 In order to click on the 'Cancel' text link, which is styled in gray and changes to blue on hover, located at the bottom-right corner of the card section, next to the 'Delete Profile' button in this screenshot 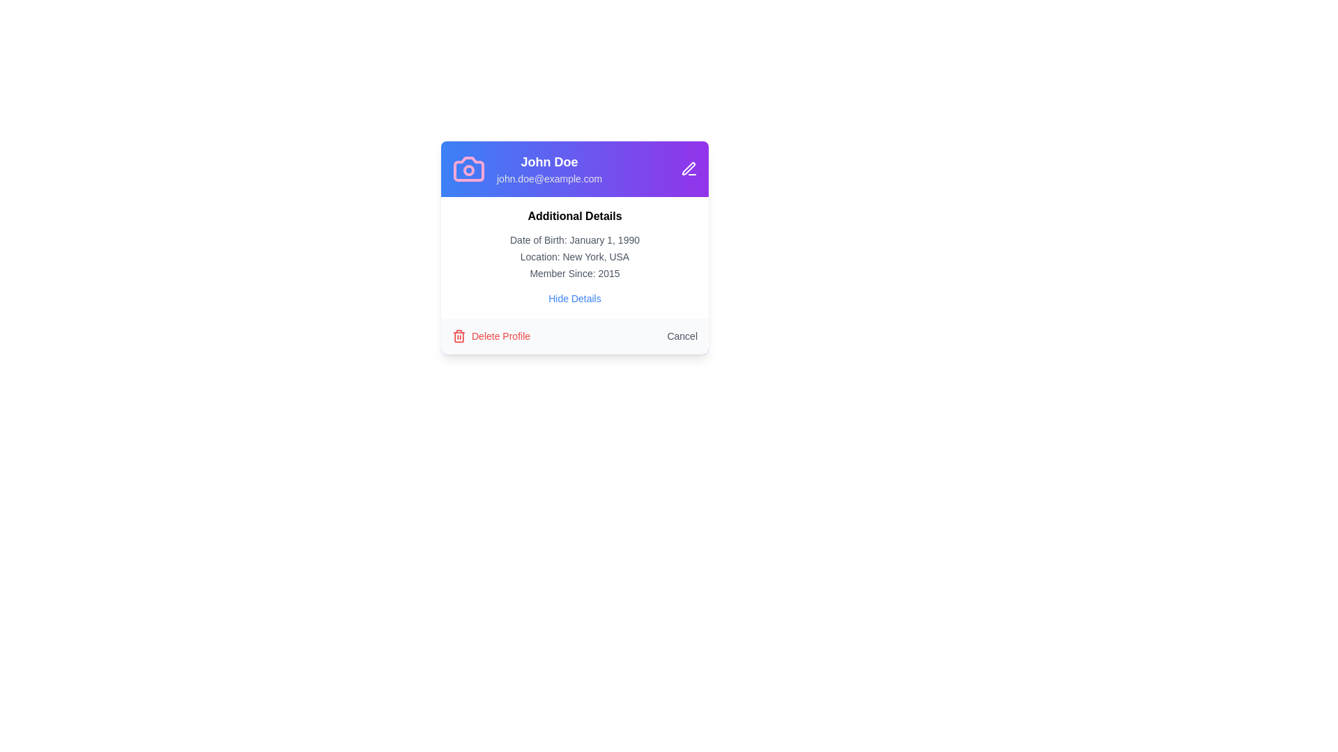, I will do `click(682, 336)`.